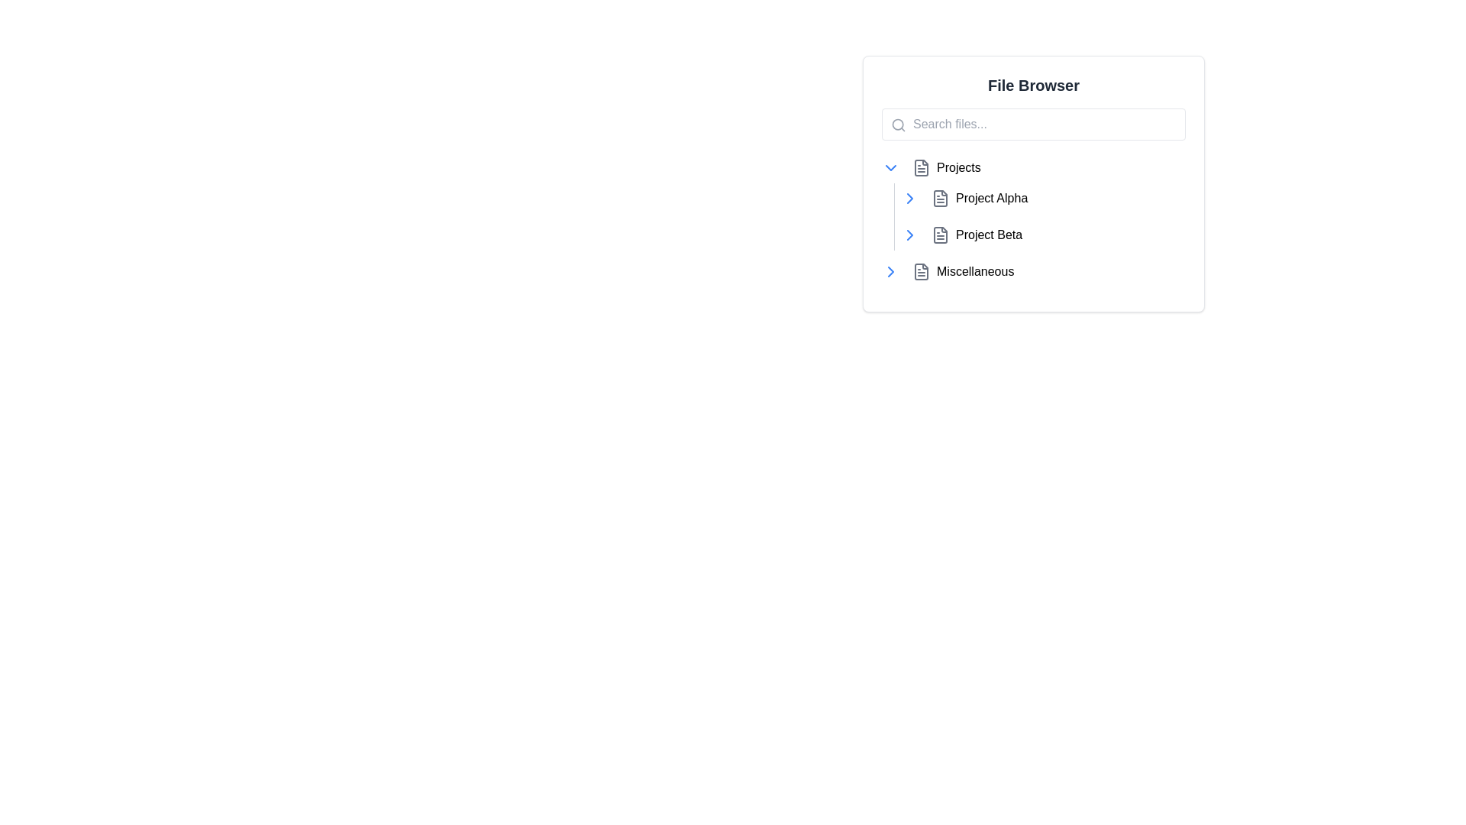 The height and width of the screenshot is (825, 1466). What do you see at coordinates (920, 167) in the screenshot?
I see `the document icon styled in gray, located to the left of the 'Projects' label` at bounding box center [920, 167].